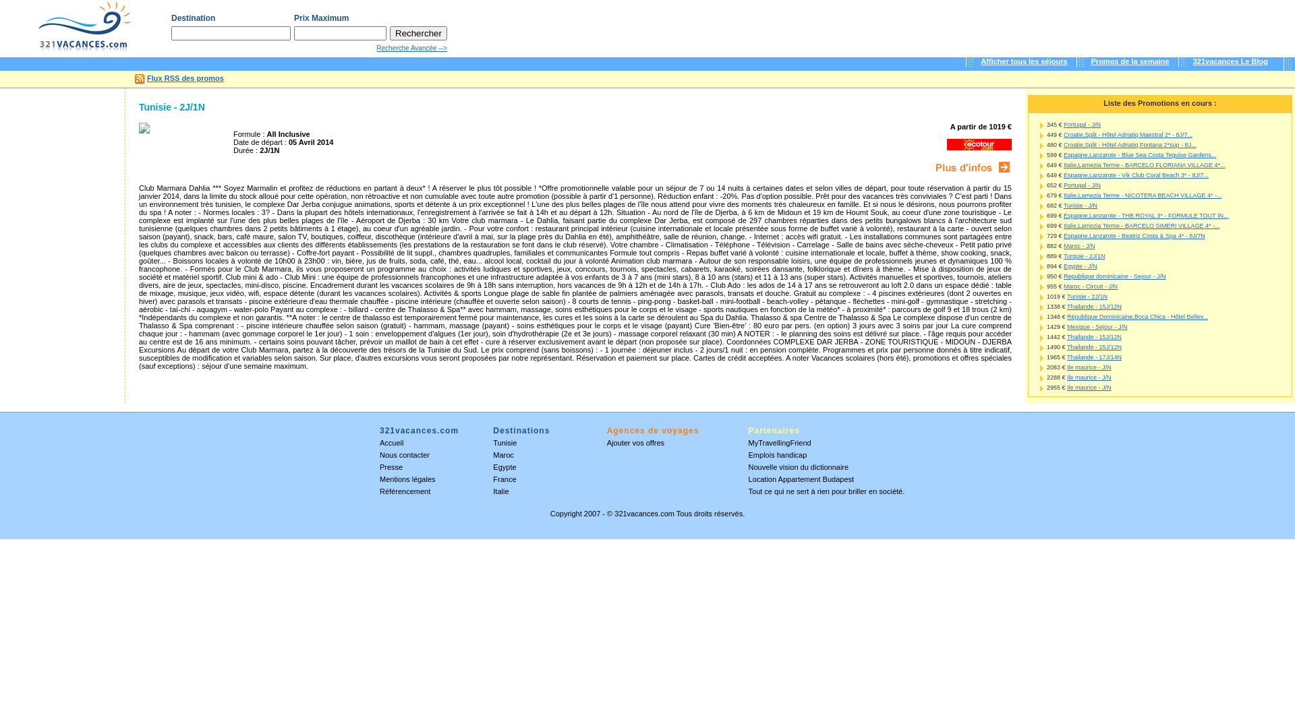 The image size is (1295, 728). I want to click on 'Ecotour', so click(979, 144).